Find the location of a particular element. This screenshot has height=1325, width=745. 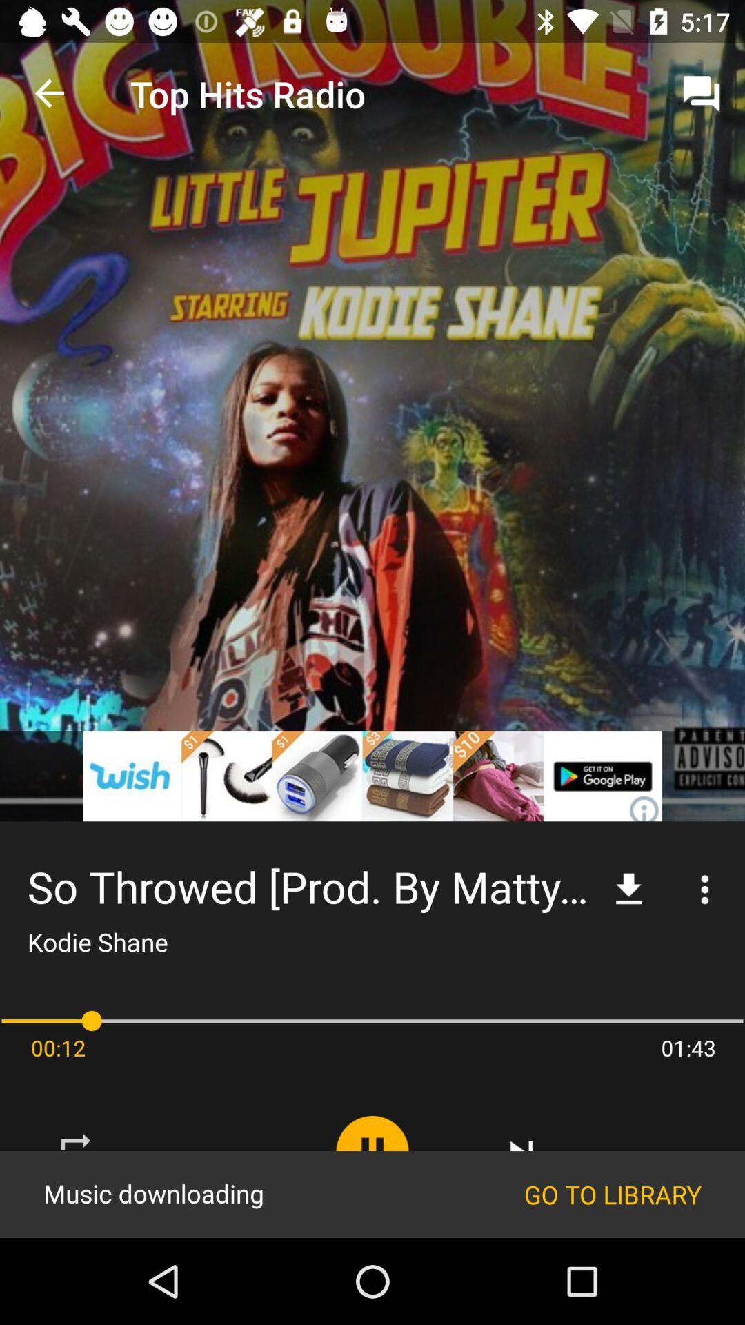

the file_download icon is located at coordinates (628, 890).